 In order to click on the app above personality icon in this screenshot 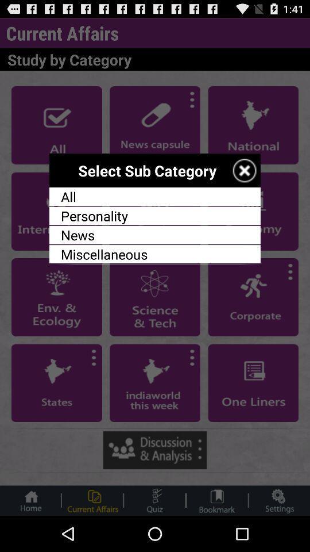, I will do `click(155, 197)`.